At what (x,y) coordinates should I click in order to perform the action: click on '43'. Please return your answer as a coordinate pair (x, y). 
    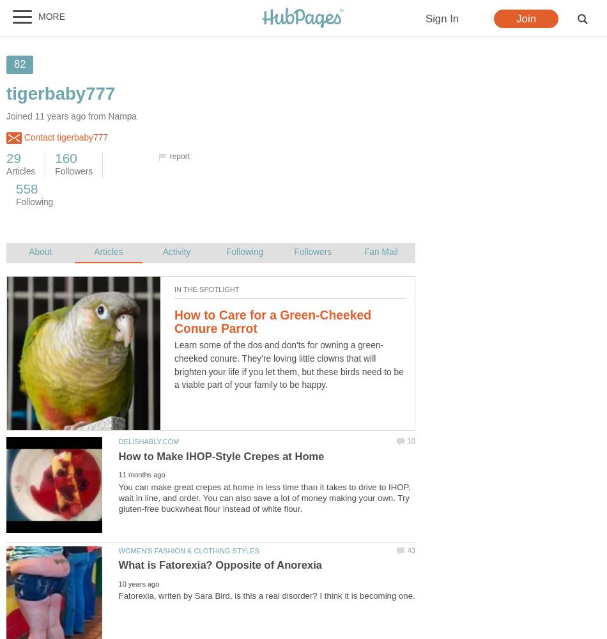
    Looking at the image, I should click on (406, 549).